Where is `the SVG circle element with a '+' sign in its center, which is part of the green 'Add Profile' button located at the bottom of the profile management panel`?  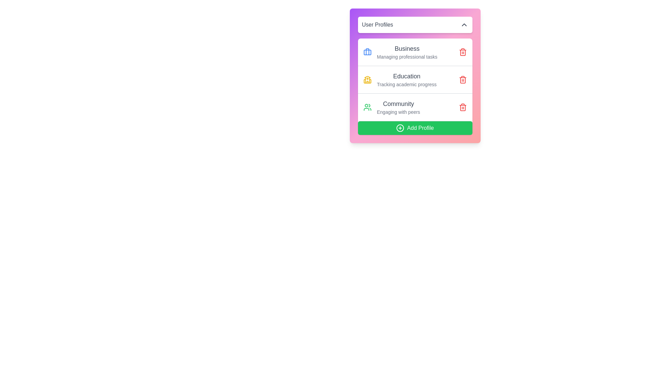 the SVG circle element with a '+' sign in its center, which is part of the green 'Add Profile' button located at the bottom of the profile management panel is located at coordinates (400, 128).